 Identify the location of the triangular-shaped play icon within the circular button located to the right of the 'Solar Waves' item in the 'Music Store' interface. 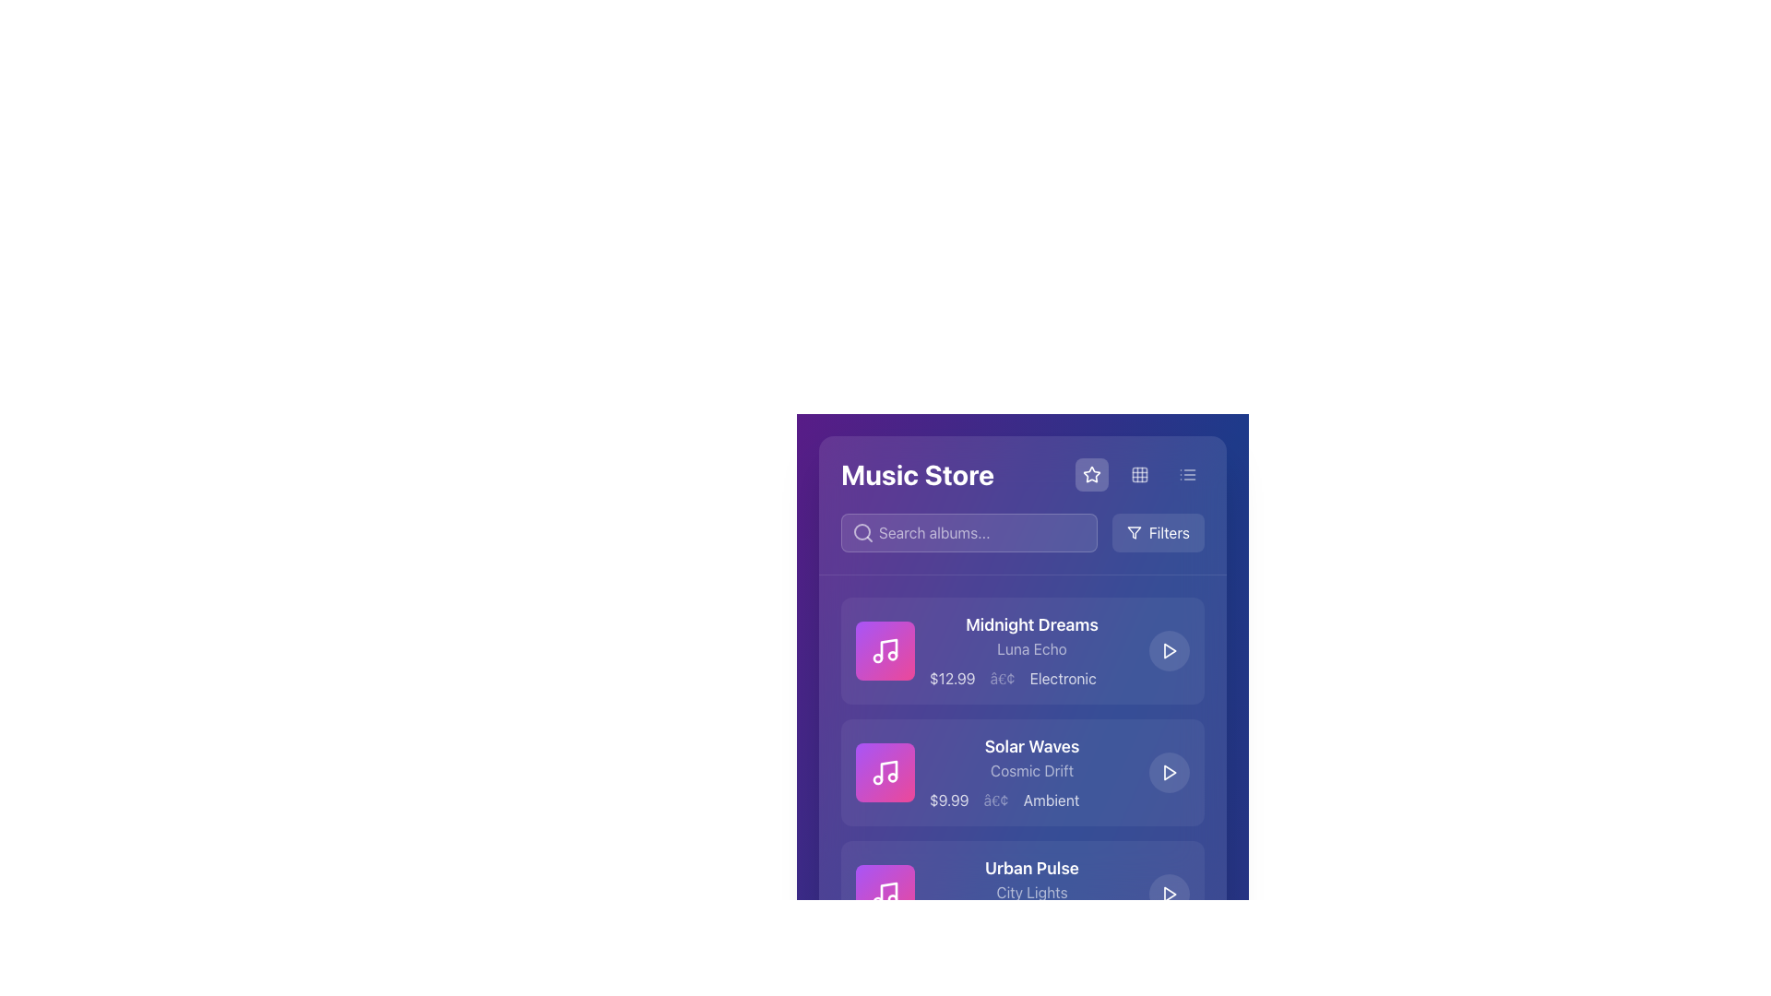
(1169, 772).